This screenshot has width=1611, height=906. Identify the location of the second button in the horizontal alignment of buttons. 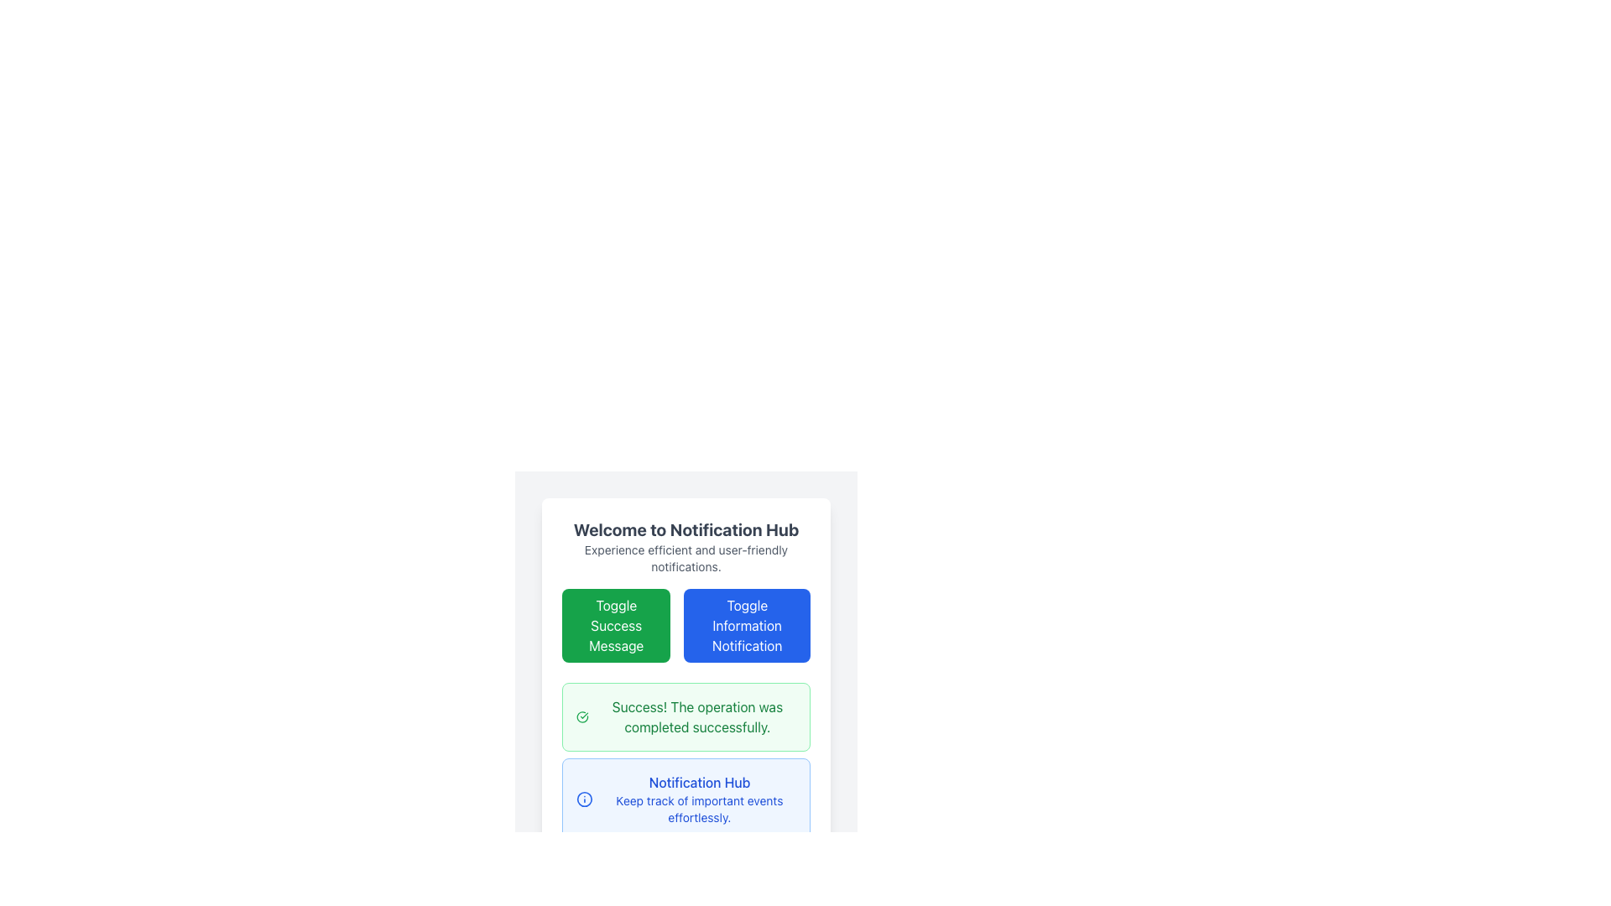
(746, 625).